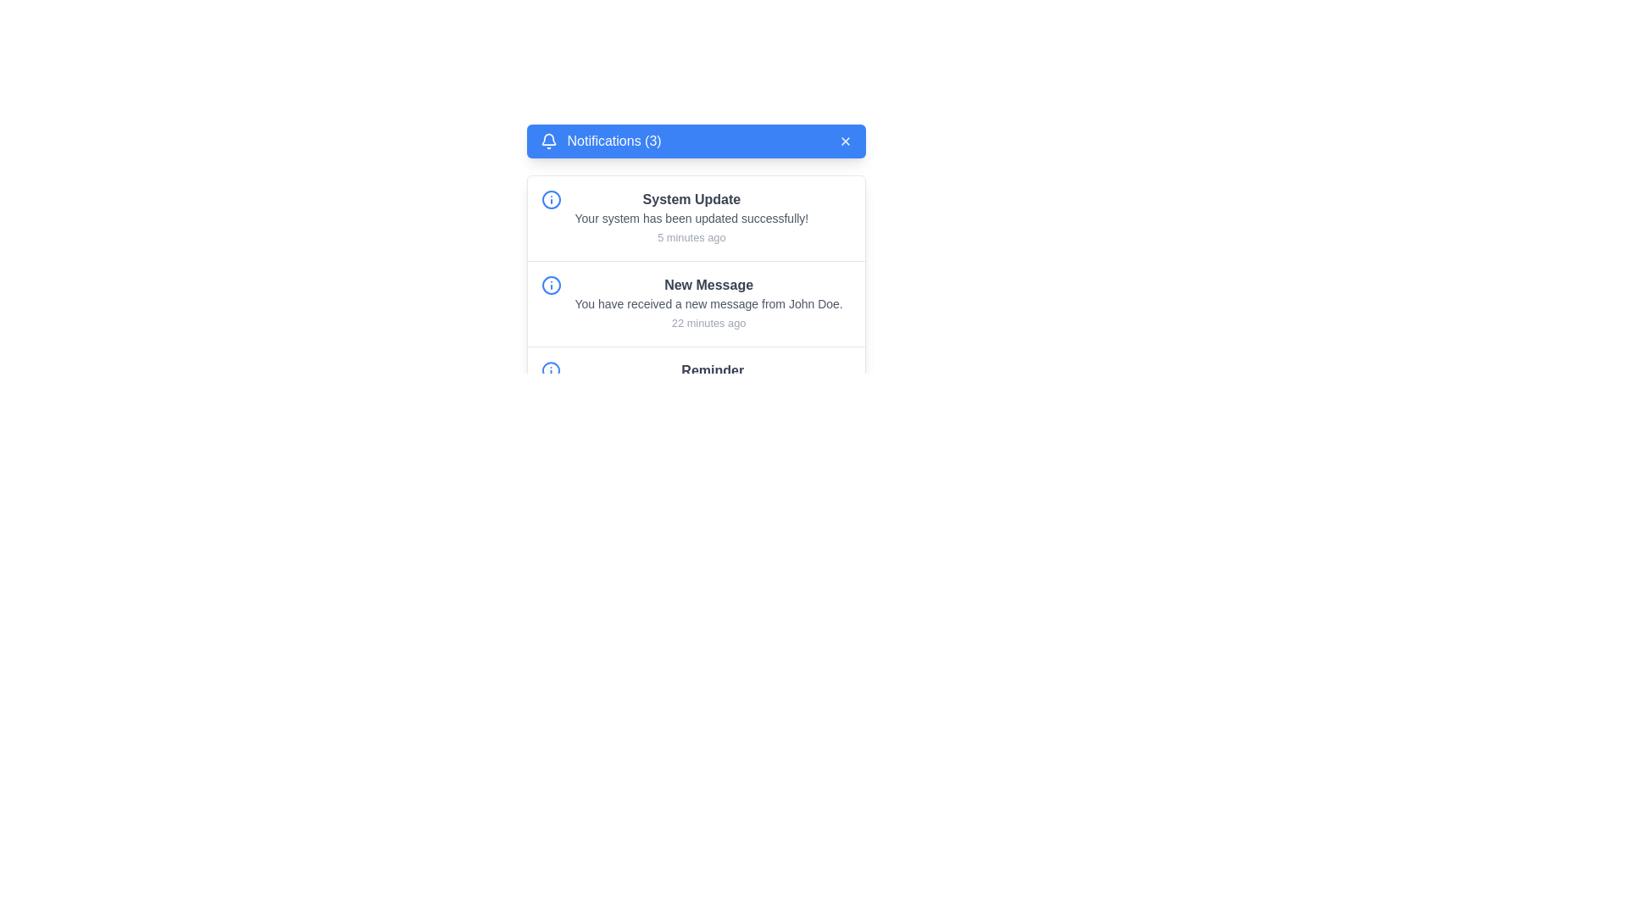 The height and width of the screenshot is (915, 1627). What do you see at coordinates (708, 323) in the screenshot?
I see `the text label displaying '22 minutes ago', which is styled in light gray and provides a timestamp within the 'New Message' notification card` at bounding box center [708, 323].